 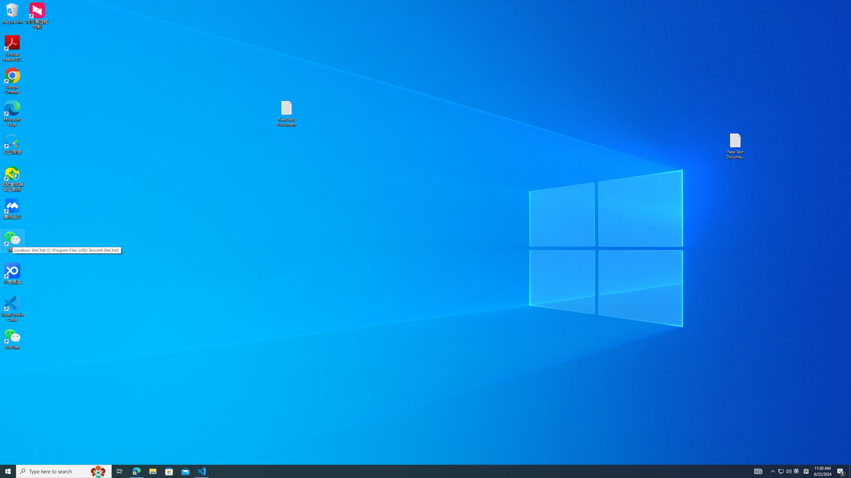 I want to click on 'Recycle Bin', so click(x=12, y=13).